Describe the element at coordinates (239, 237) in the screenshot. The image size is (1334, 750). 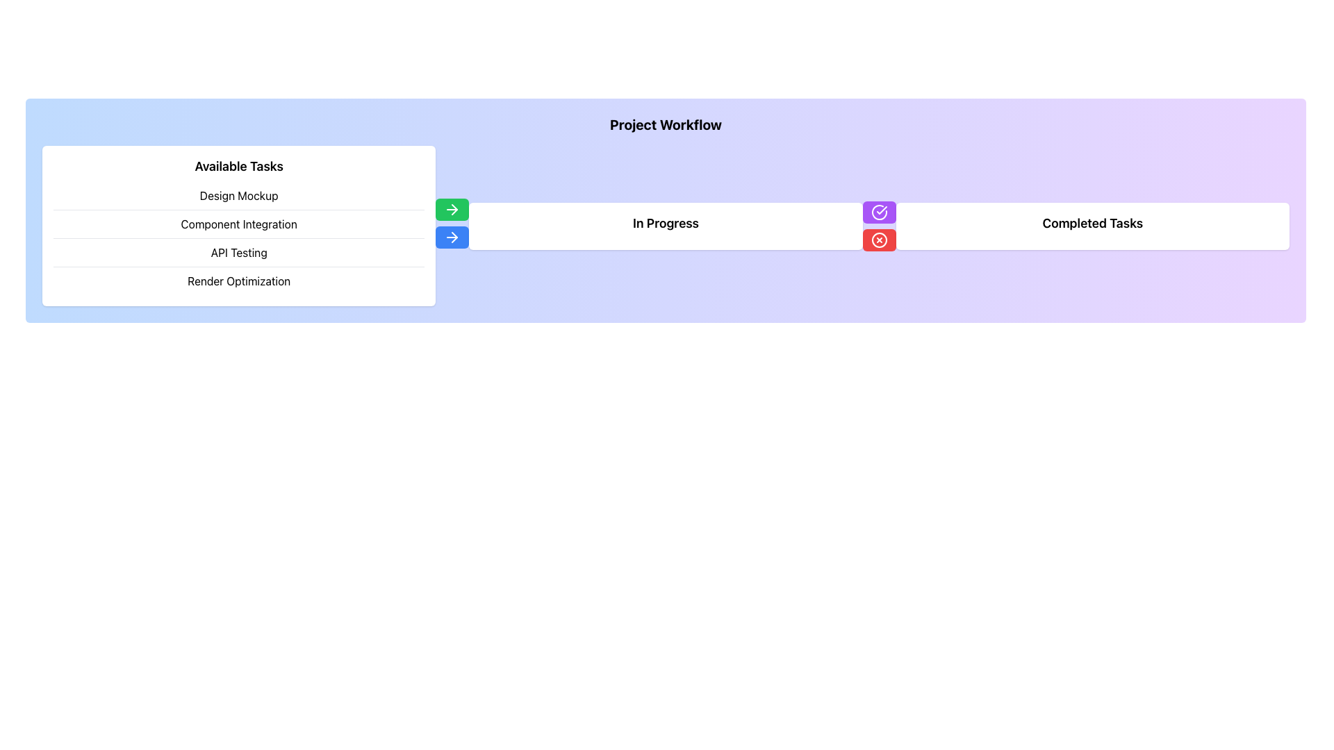
I see `the task titled 'Component Integration', which is the second item in the 'Available Tasks' list` at that location.